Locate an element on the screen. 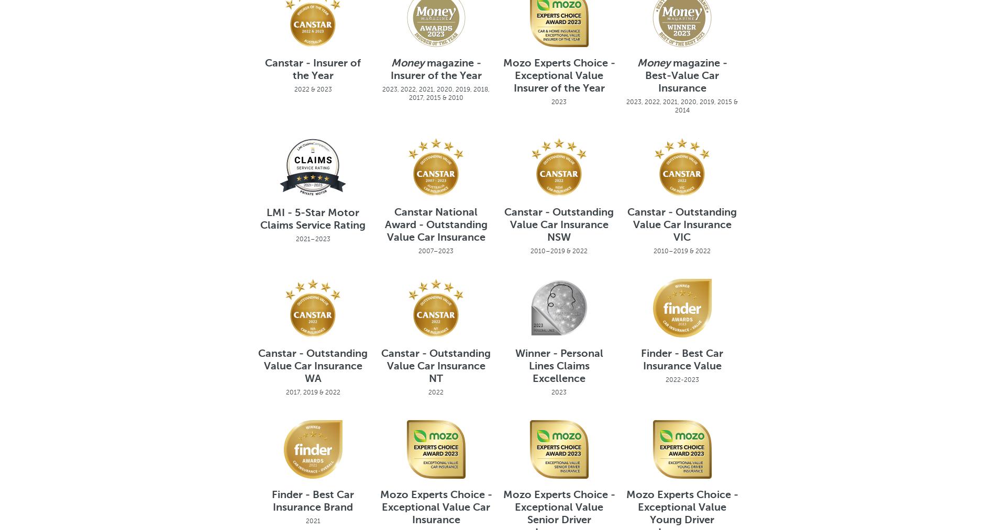  'Mozo Experts Choice - Exceptional Value Car Insurance' is located at coordinates (435, 508).